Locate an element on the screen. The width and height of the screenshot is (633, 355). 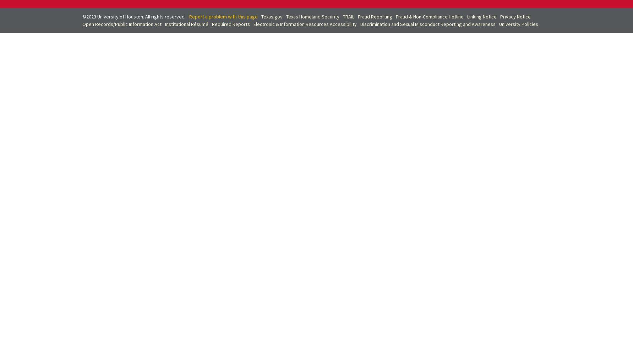
'Linking Notice' is located at coordinates (466, 16).